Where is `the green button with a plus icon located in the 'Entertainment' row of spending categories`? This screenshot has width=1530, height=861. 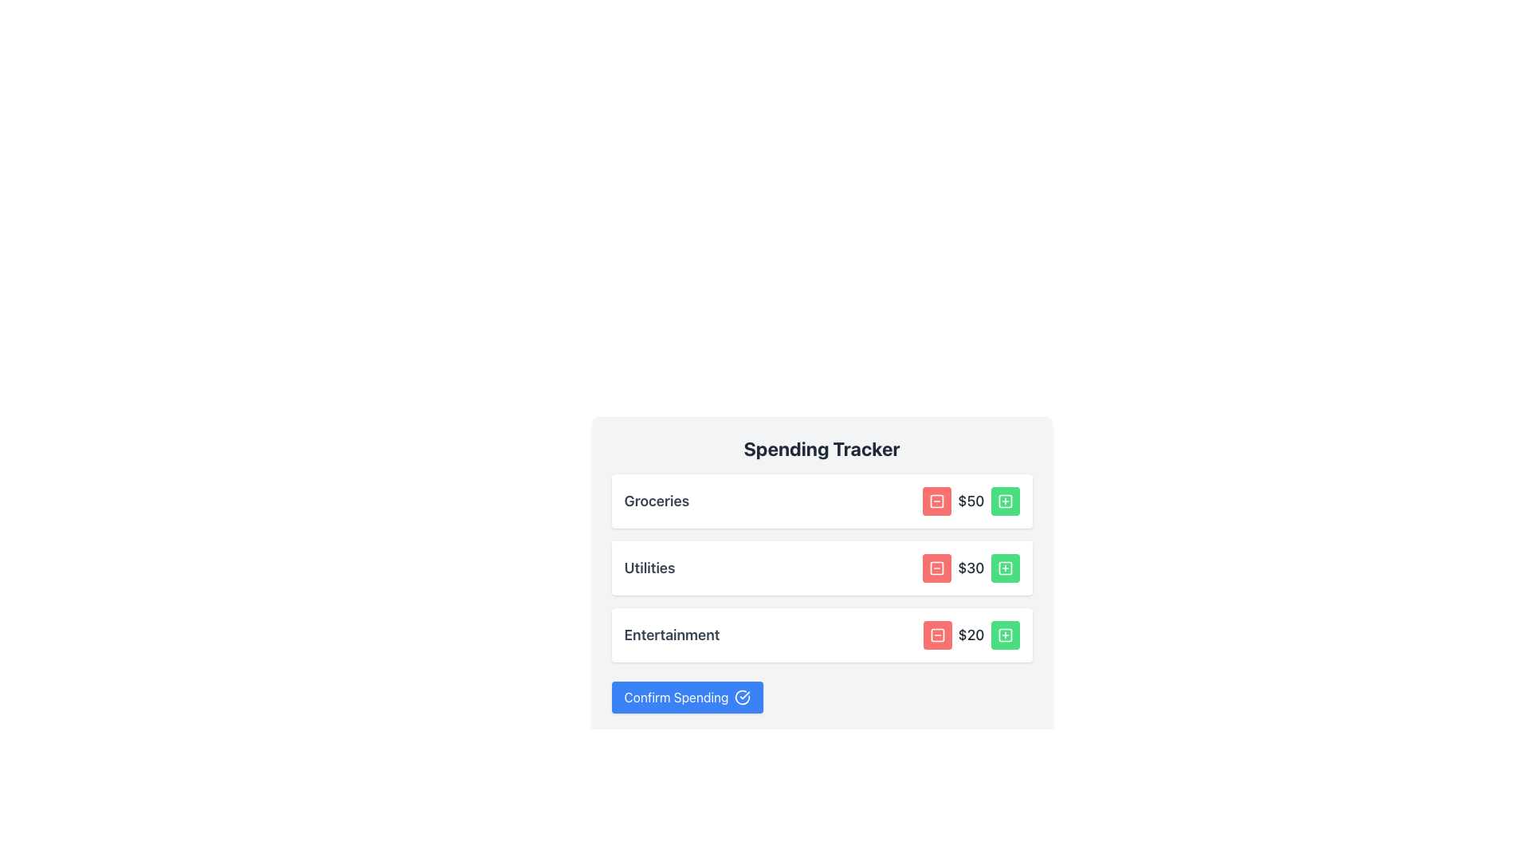
the green button with a plus icon located in the 'Entertainment' row of spending categories is located at coordinates (1004, 635).